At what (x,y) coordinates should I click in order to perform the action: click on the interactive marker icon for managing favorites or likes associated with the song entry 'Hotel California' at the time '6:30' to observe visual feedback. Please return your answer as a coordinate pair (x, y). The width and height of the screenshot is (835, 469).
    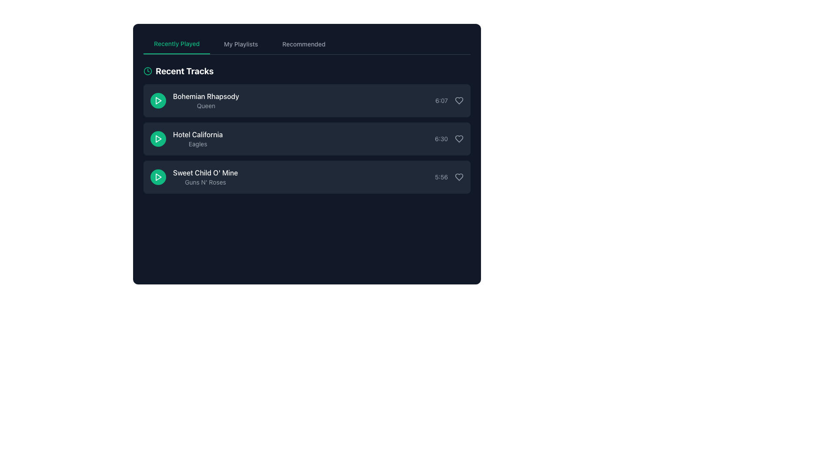
    Looking at the image, I should click on (459, 139).